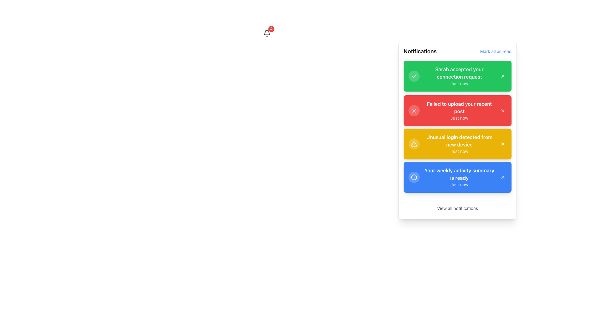 This screenshot has width=592, height=333. I want to click on text of the Timestamp label located underneath the bold text 'Failed to upload your recent post' in the second notification card from the top, so click(459, 118).